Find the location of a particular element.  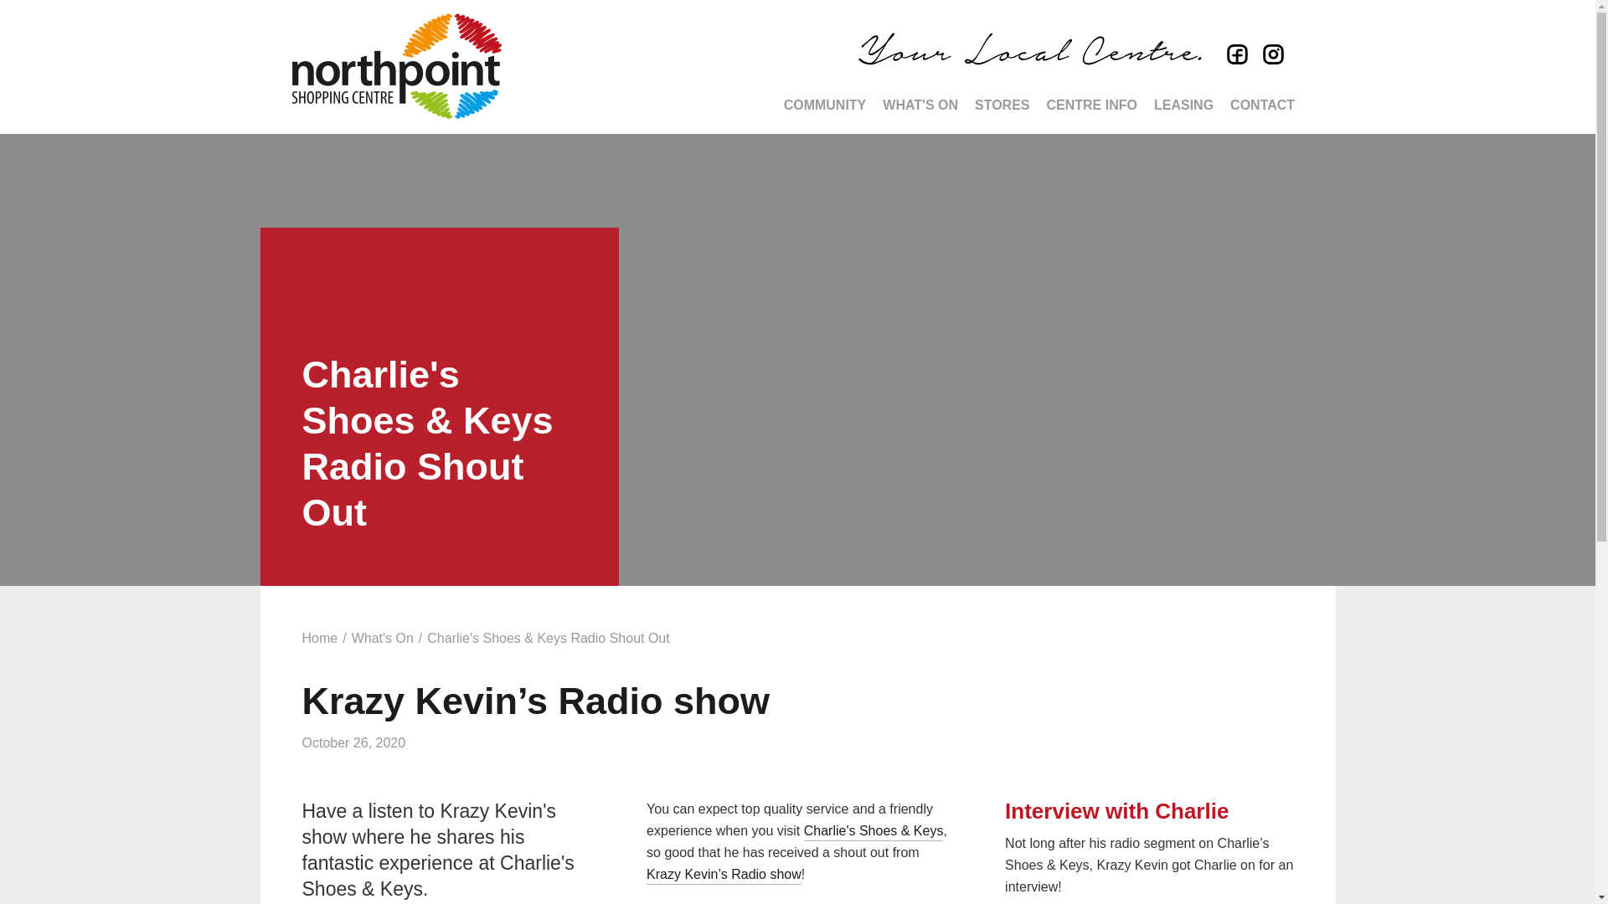

'What's On' is located at coordinates (381, 639).